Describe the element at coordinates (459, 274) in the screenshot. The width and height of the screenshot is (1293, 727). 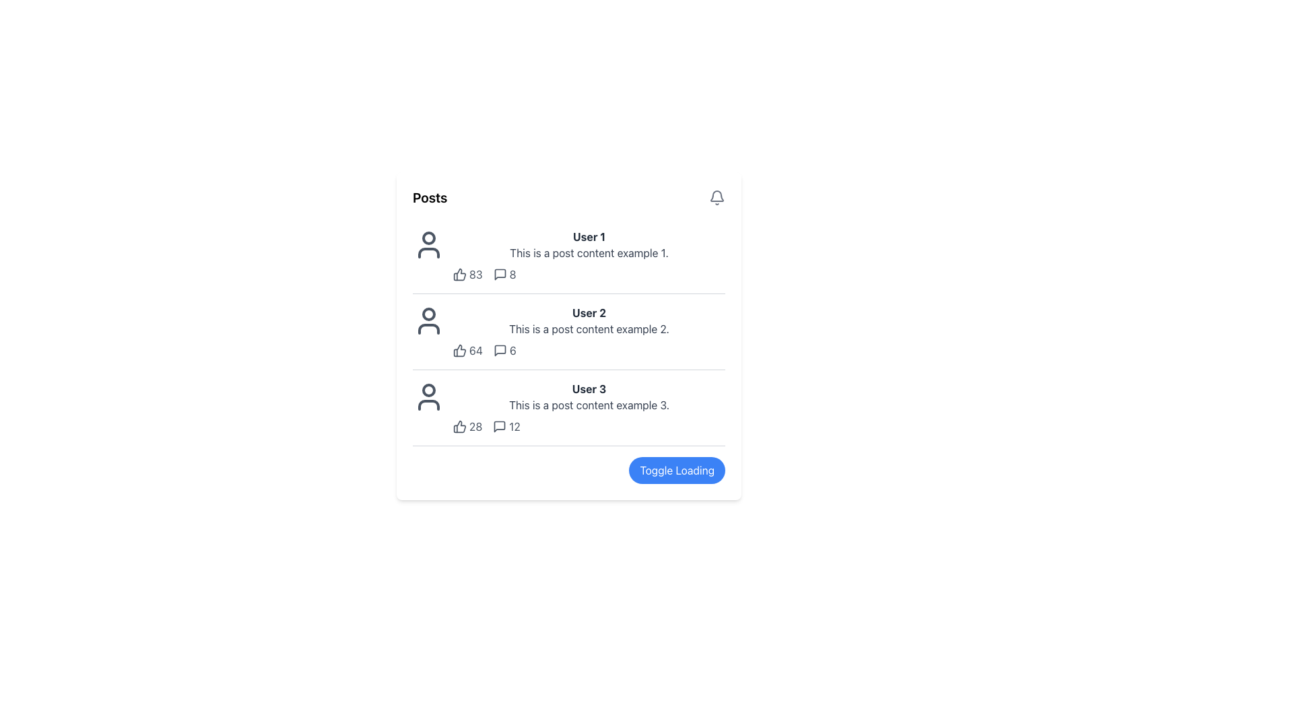
I see `the thumbs-up icon indicating 'like' functionality for User 1's post` at that location.